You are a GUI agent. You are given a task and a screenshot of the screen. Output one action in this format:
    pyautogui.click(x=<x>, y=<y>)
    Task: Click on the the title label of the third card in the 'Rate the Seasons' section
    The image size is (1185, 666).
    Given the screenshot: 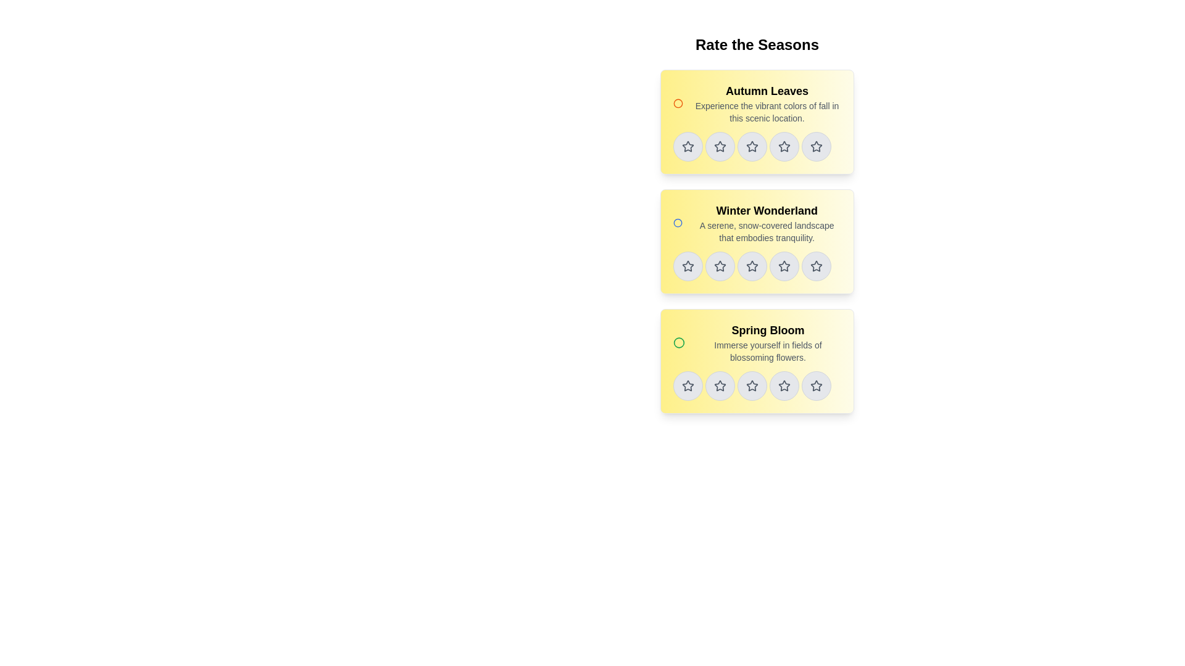 What is the action you would take?
    pyautogui.click(x=767, y=330)
    